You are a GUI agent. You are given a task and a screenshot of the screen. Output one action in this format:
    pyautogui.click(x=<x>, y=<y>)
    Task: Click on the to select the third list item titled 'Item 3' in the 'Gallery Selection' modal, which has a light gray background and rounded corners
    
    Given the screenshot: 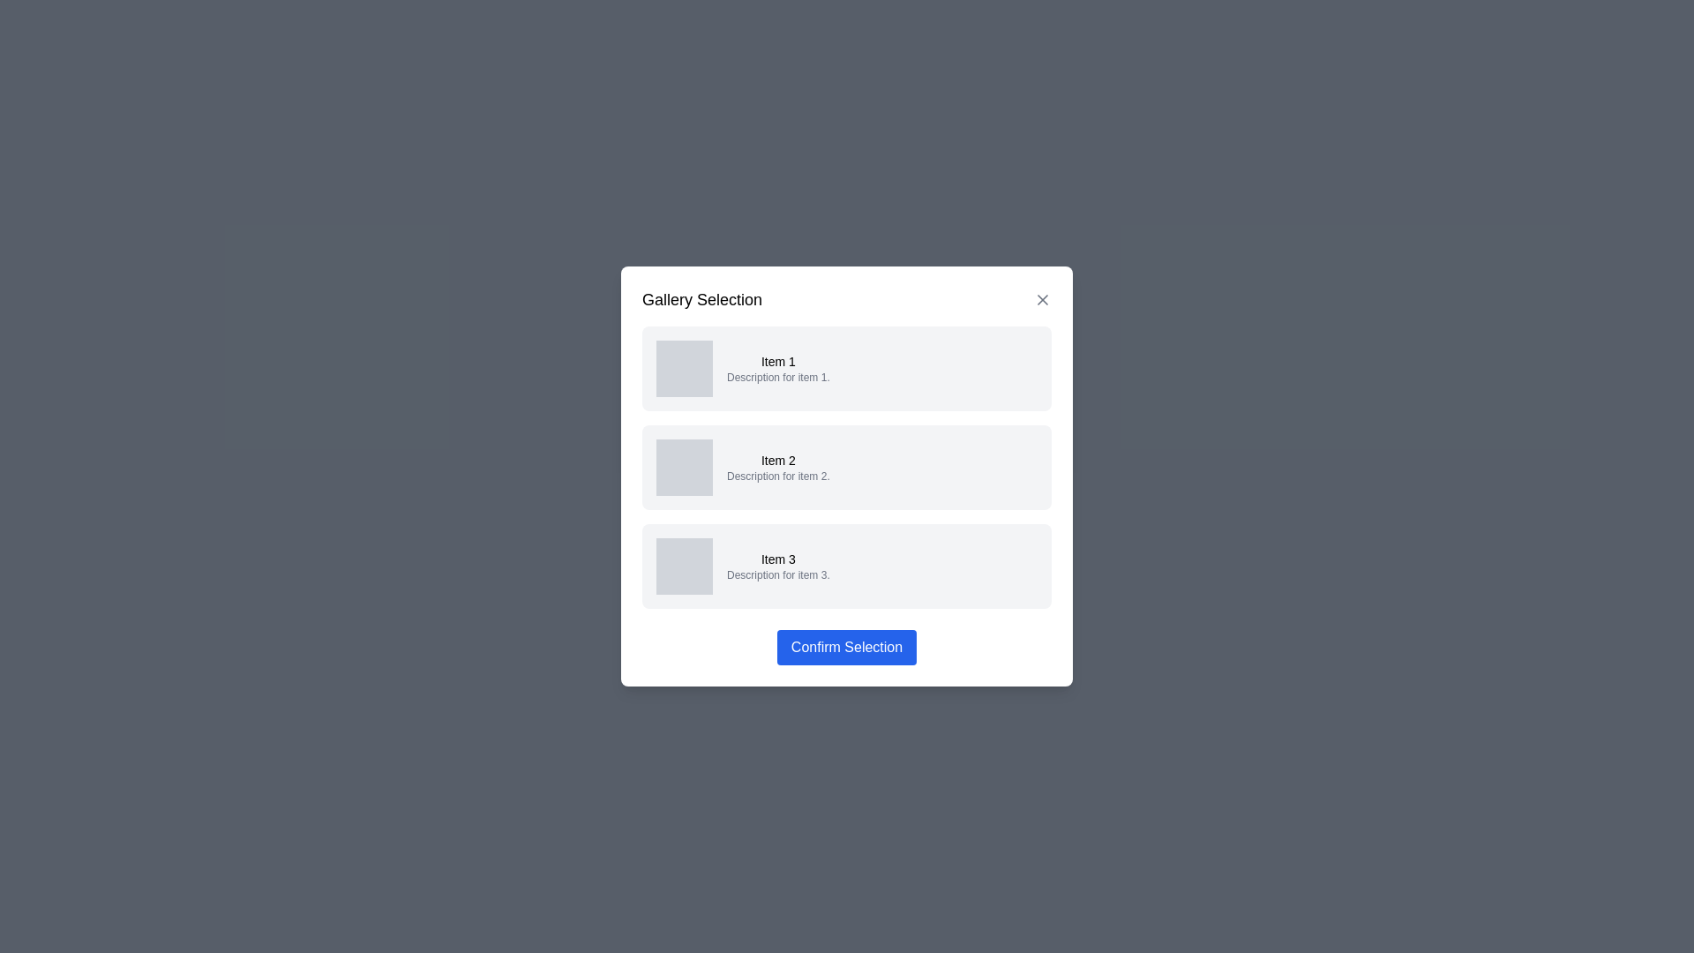 What is the action you would take?
    pyautogui.click(x=847, y=566)
    